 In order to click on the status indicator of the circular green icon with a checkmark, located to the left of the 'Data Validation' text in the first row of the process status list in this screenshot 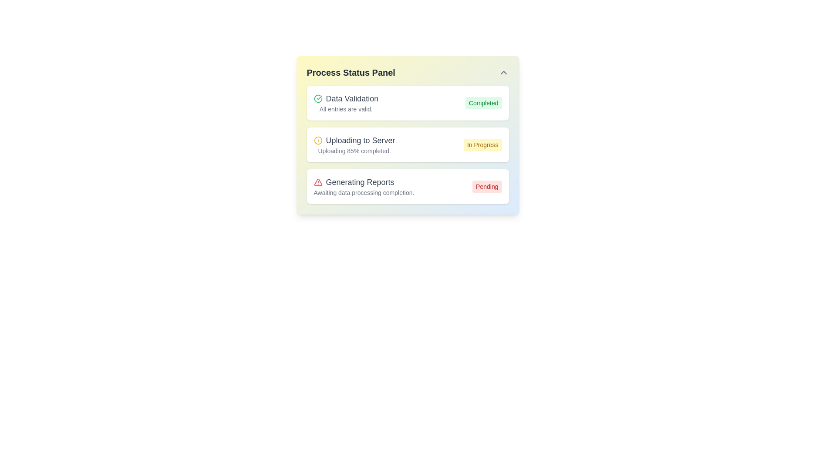, I will do `click(317, 98)`.